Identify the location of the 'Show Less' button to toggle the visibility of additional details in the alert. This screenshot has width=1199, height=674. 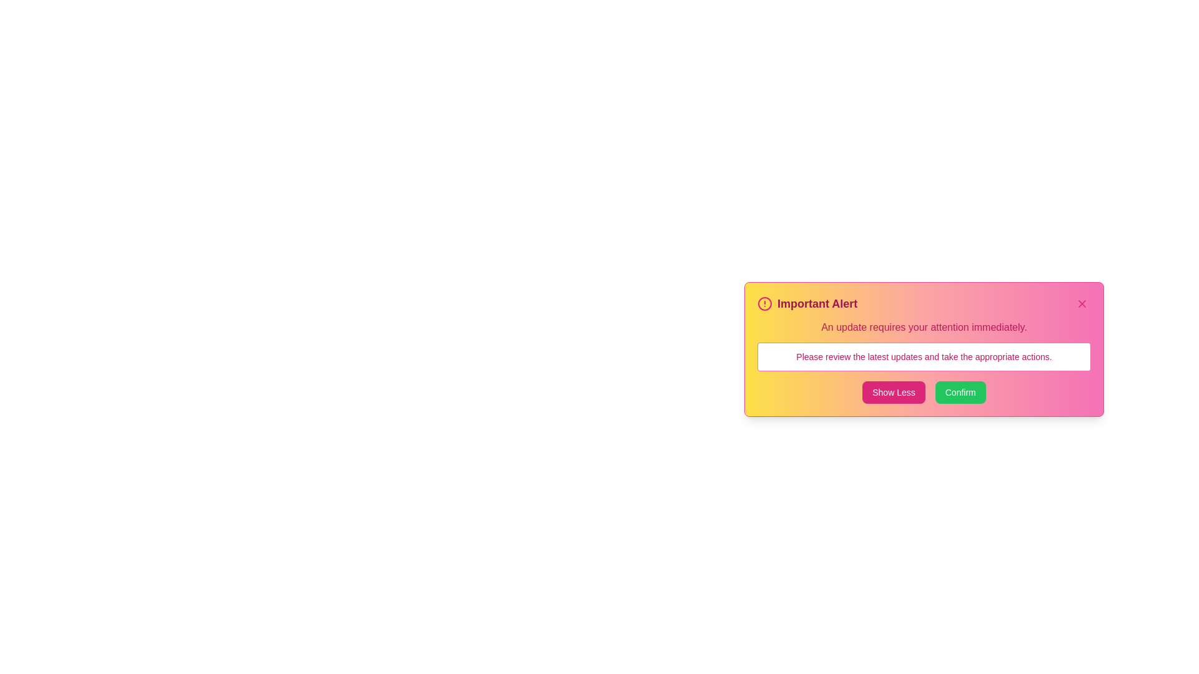
(892, 391).